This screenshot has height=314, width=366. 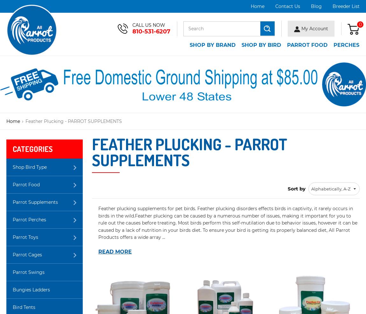 What do you see at coordinates (12, 167) in the screenshot?
I see `'Shop Bird Type'` at bounding box center [12, 167].